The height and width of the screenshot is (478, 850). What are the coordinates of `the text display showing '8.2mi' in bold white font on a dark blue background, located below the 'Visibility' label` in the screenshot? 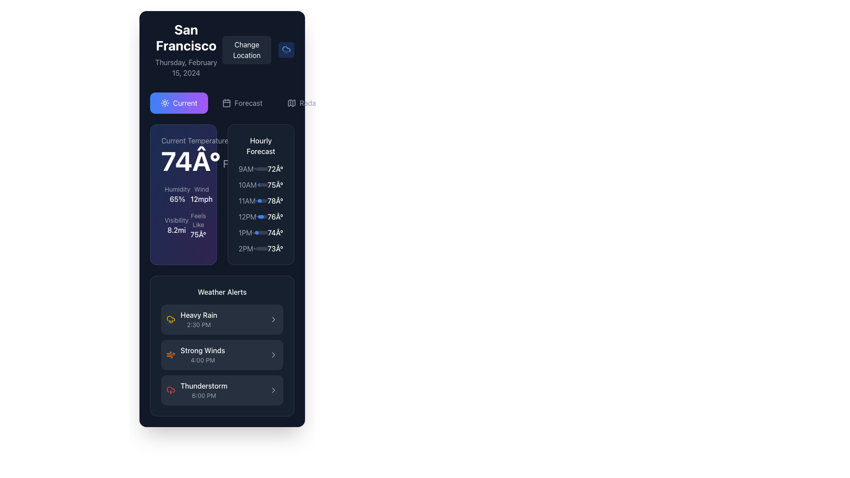 It's located at (176, 230).